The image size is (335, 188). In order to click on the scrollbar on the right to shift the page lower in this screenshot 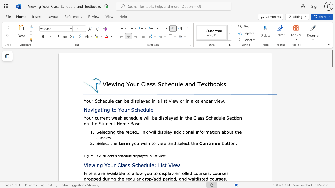, I will do `click(332, 118)`.